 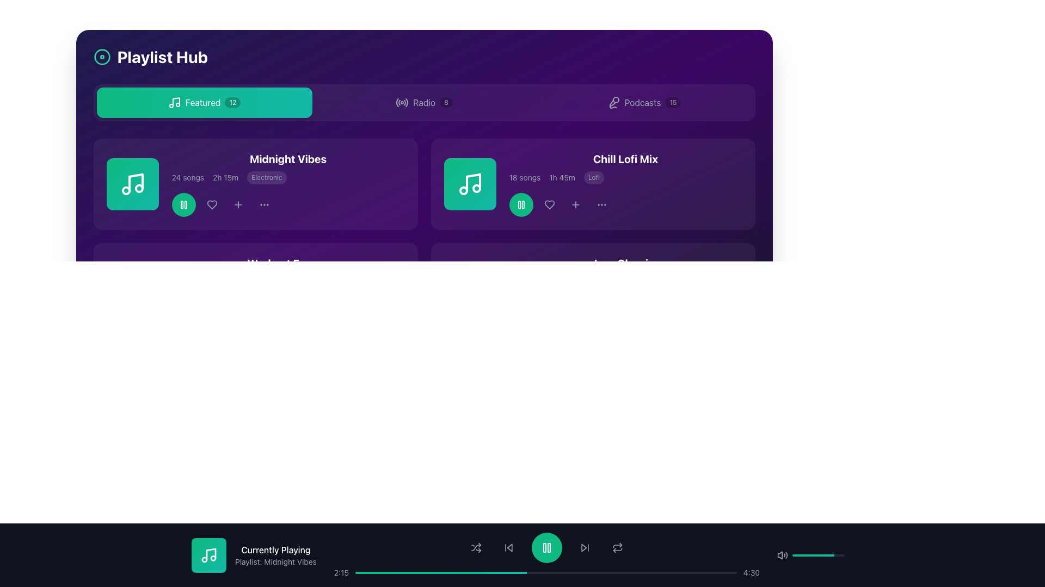 What do you see at coordinates (176, 102) in the screenshot?
I see `the vertical line of the musical note icon located within the green 'Featured' button in the top-left section of the interface` at bounding box center [176, 102].